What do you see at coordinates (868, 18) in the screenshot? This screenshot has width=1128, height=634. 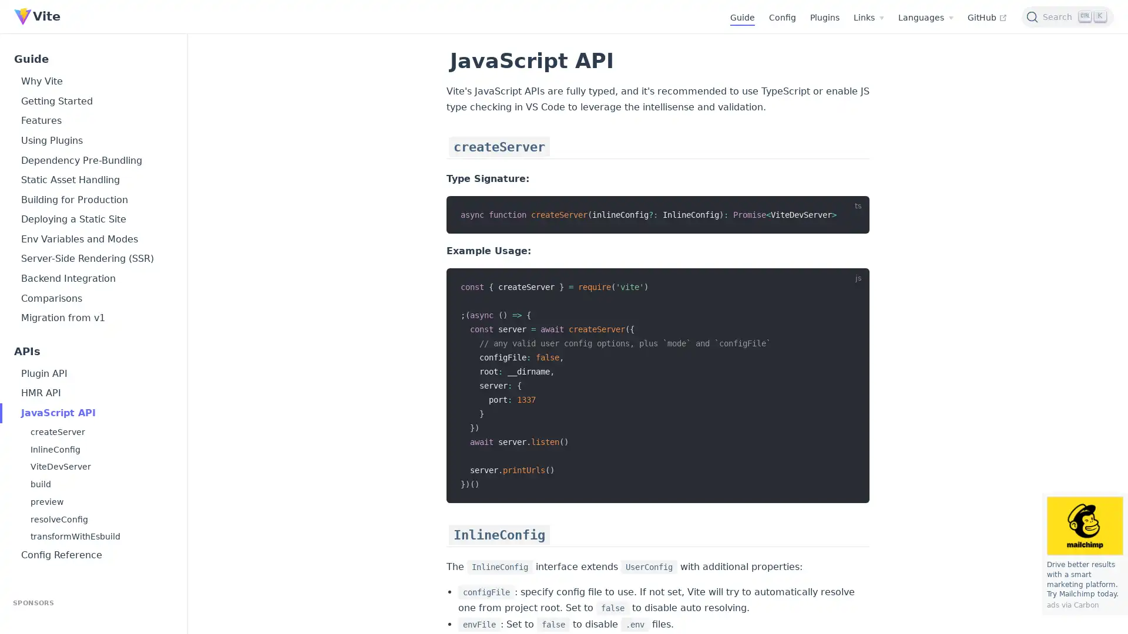 I see `Links` at bounding box center [868, 18].